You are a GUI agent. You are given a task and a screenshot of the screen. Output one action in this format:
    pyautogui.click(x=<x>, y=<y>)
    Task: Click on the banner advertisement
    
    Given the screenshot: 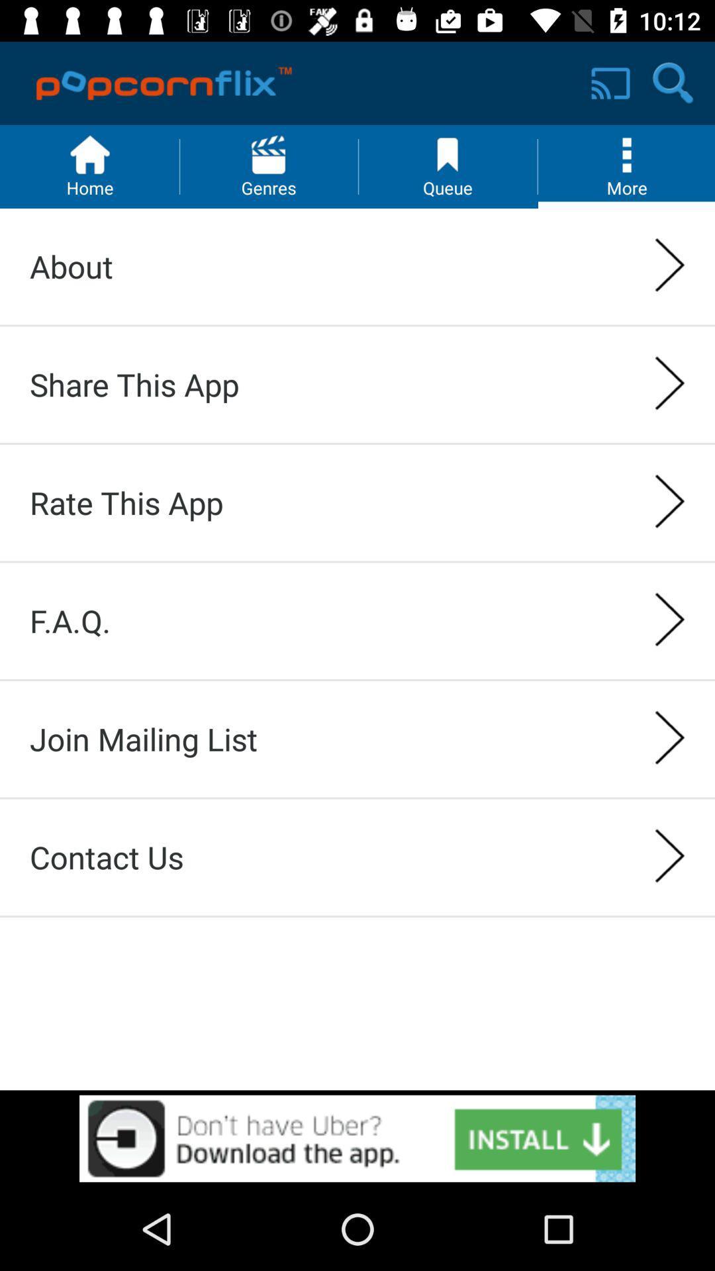 What is the action you would take?
    pyautogui.click(x=358, y=1138)
    